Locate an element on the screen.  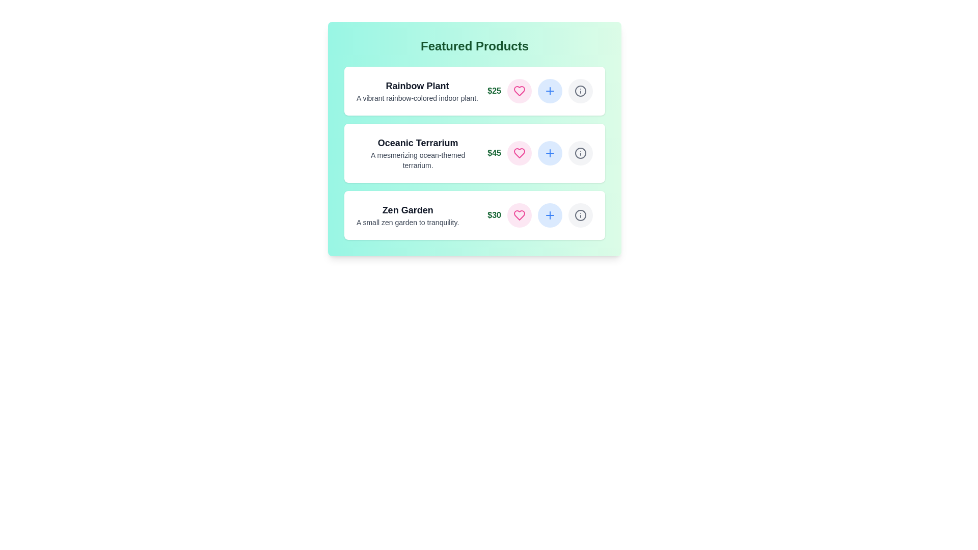
heart button to favorite the product Rainbow Plant is located at coordinates (519, 90).